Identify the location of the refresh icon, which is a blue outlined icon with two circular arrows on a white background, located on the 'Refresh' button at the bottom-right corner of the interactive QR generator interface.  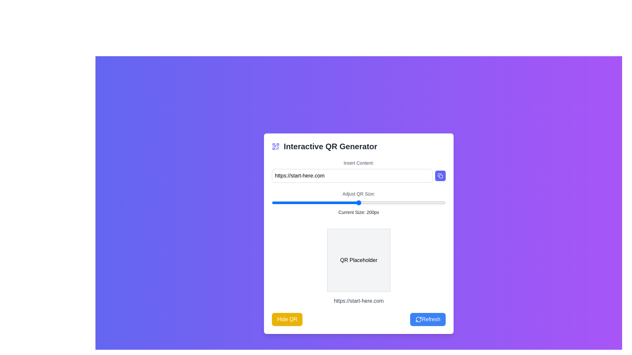
(418, 319).